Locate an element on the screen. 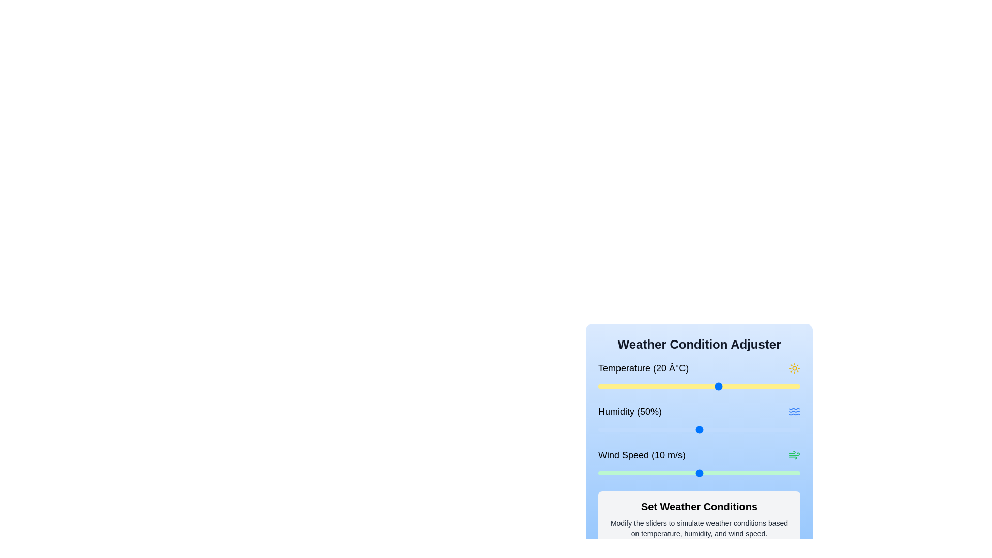  the wind speed slider to set the wind speed to 18 m/s is located at coordinates (780, 473).